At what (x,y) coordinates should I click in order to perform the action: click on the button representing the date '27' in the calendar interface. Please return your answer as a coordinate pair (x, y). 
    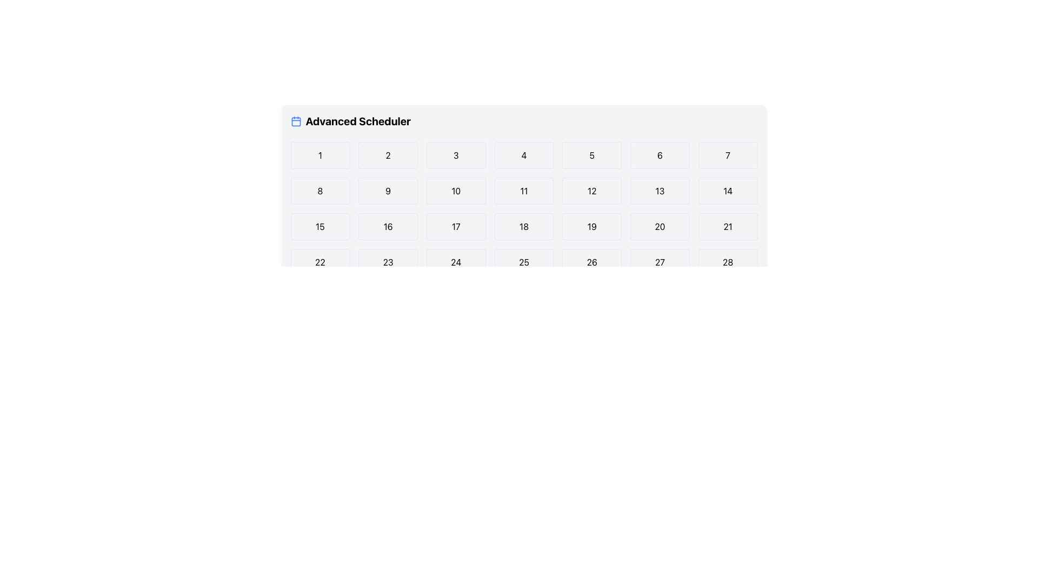
    Looking at the image, I should click on (659, 262).